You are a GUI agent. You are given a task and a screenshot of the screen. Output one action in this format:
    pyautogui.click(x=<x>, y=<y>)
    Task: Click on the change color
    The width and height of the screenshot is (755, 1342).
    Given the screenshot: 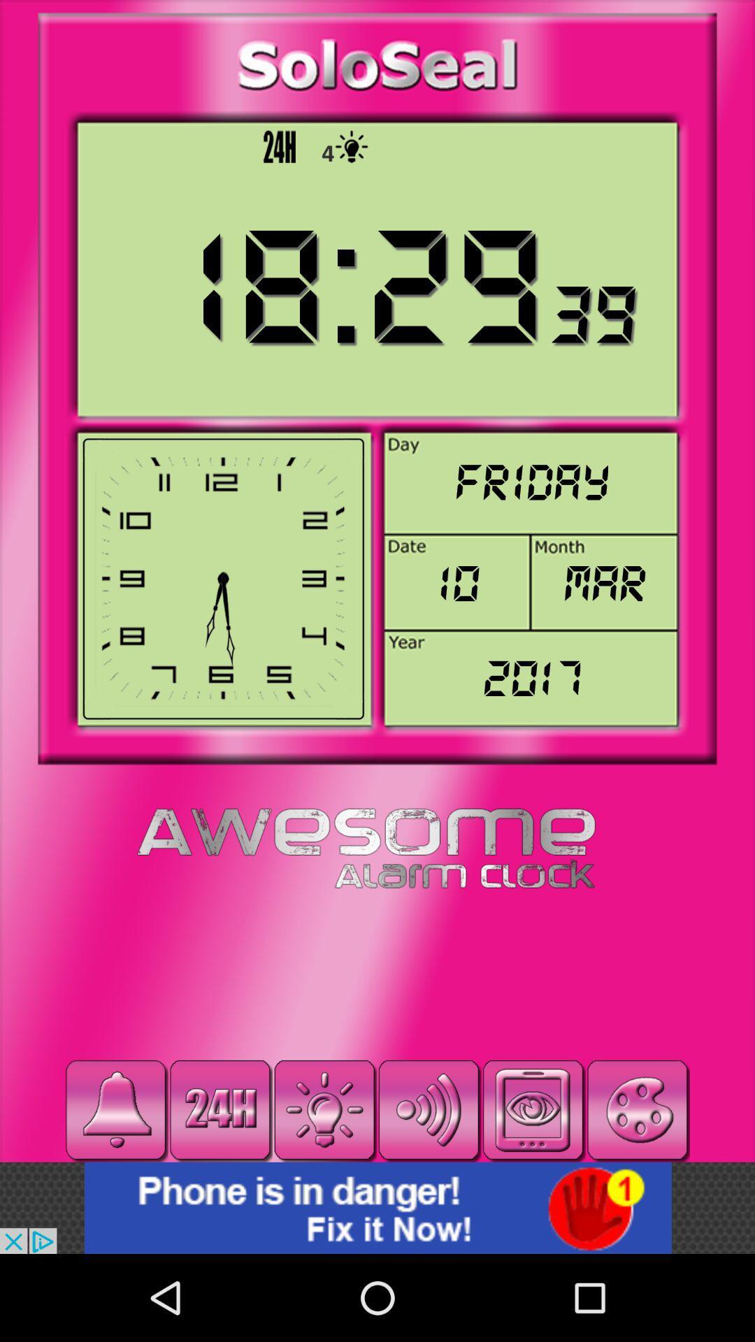 What is the action you would take?
    pyautogui.click(x=638, y=1109)
    